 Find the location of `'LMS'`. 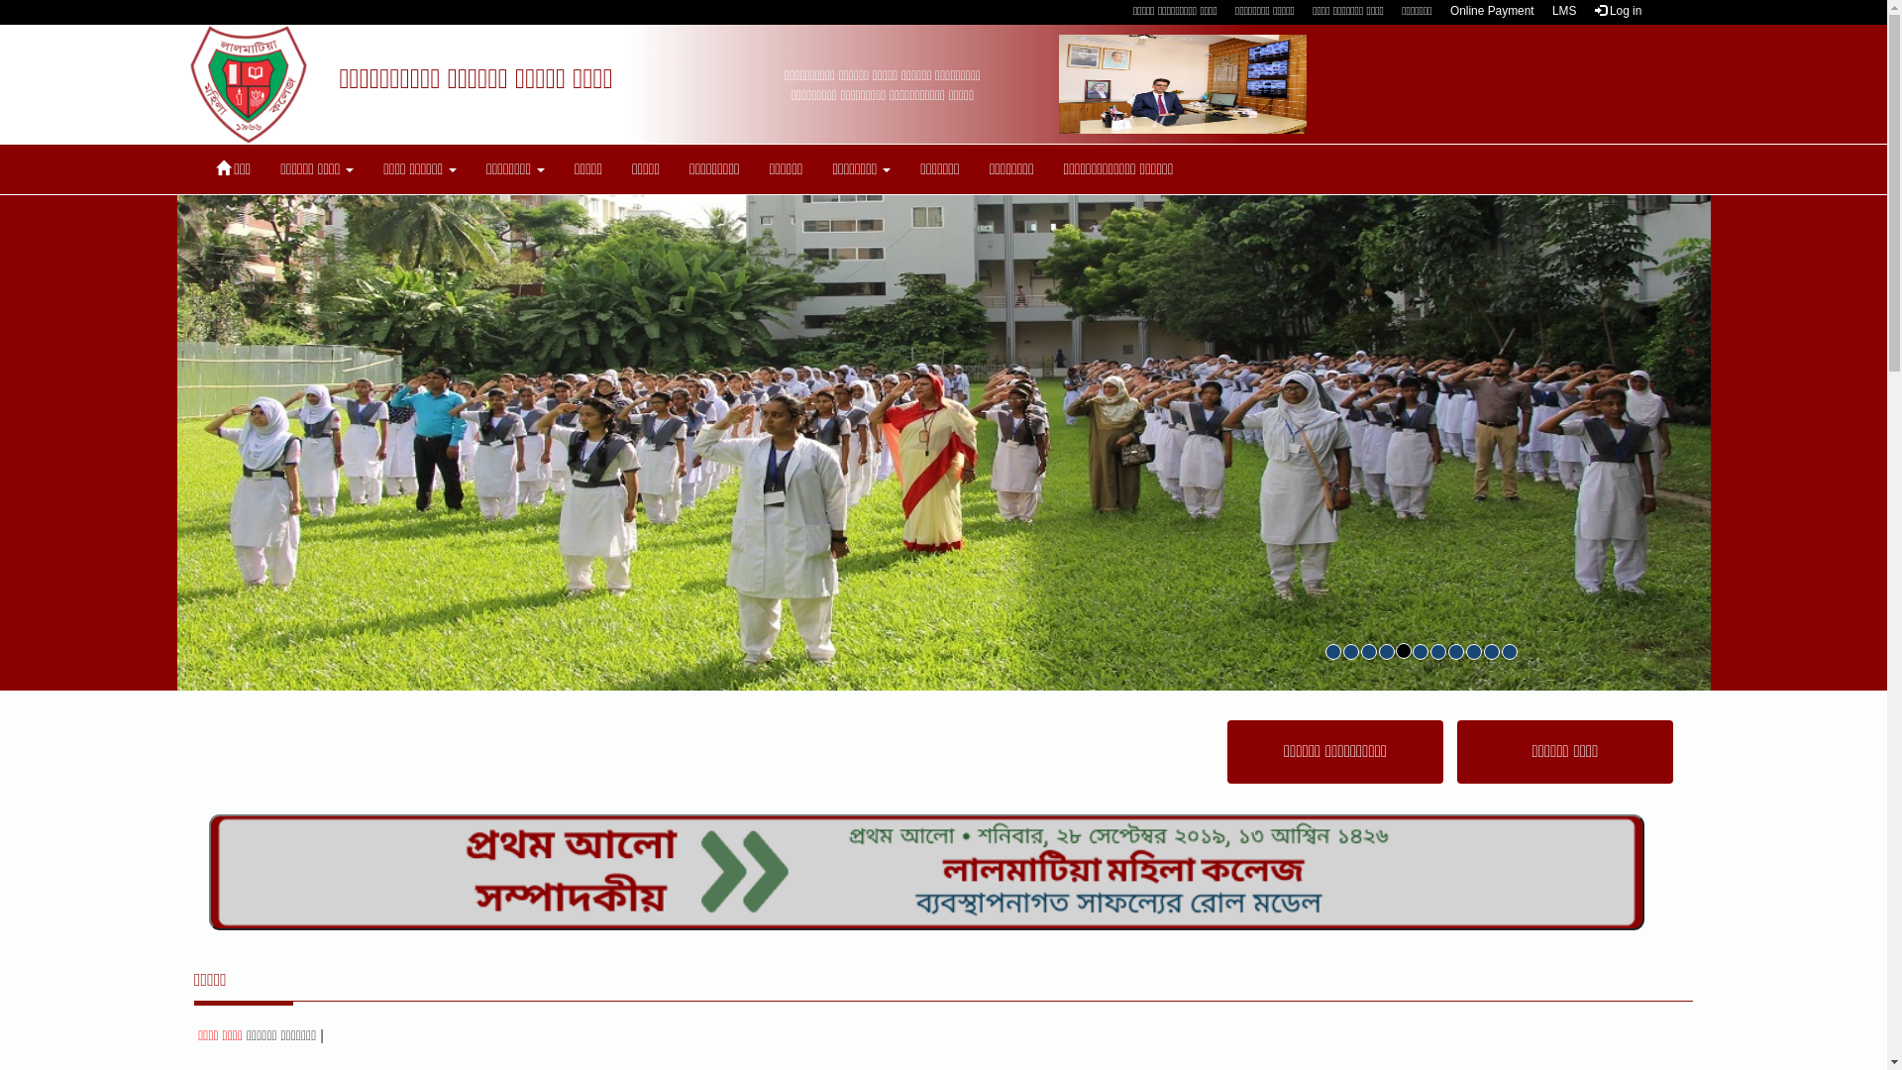

'LMS' is located at coordinates (1563, 11).